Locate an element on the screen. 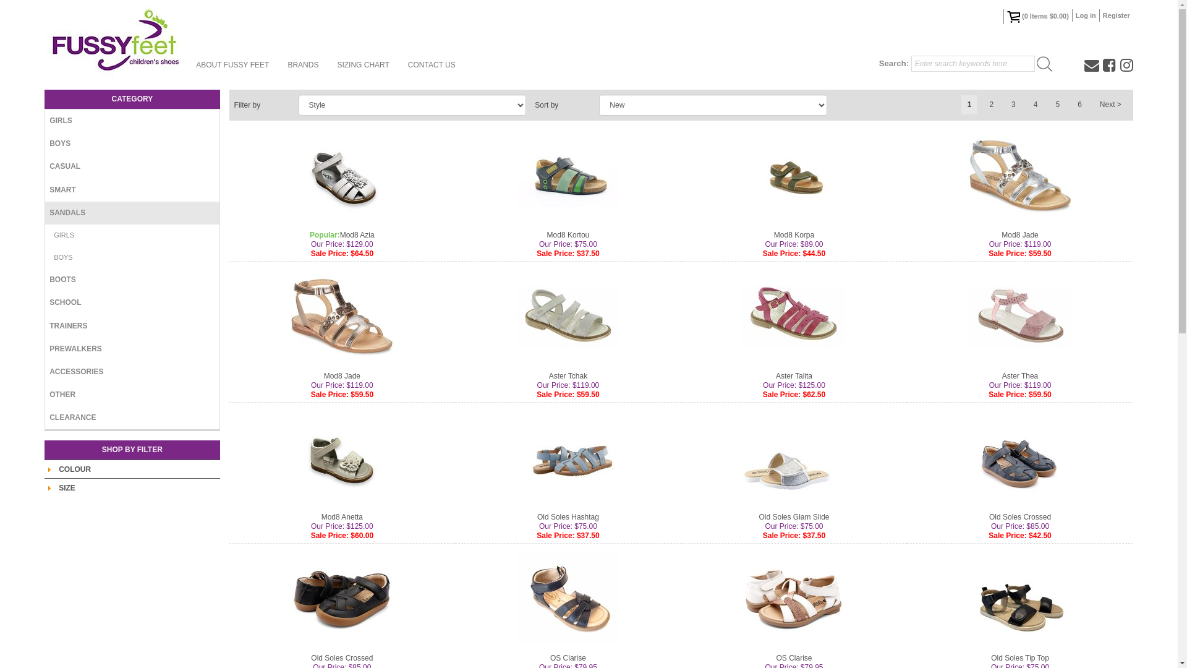 The width and height of the screenshot is (1187, 668). 'OS Clarise' is located at coordinates (567, 657).